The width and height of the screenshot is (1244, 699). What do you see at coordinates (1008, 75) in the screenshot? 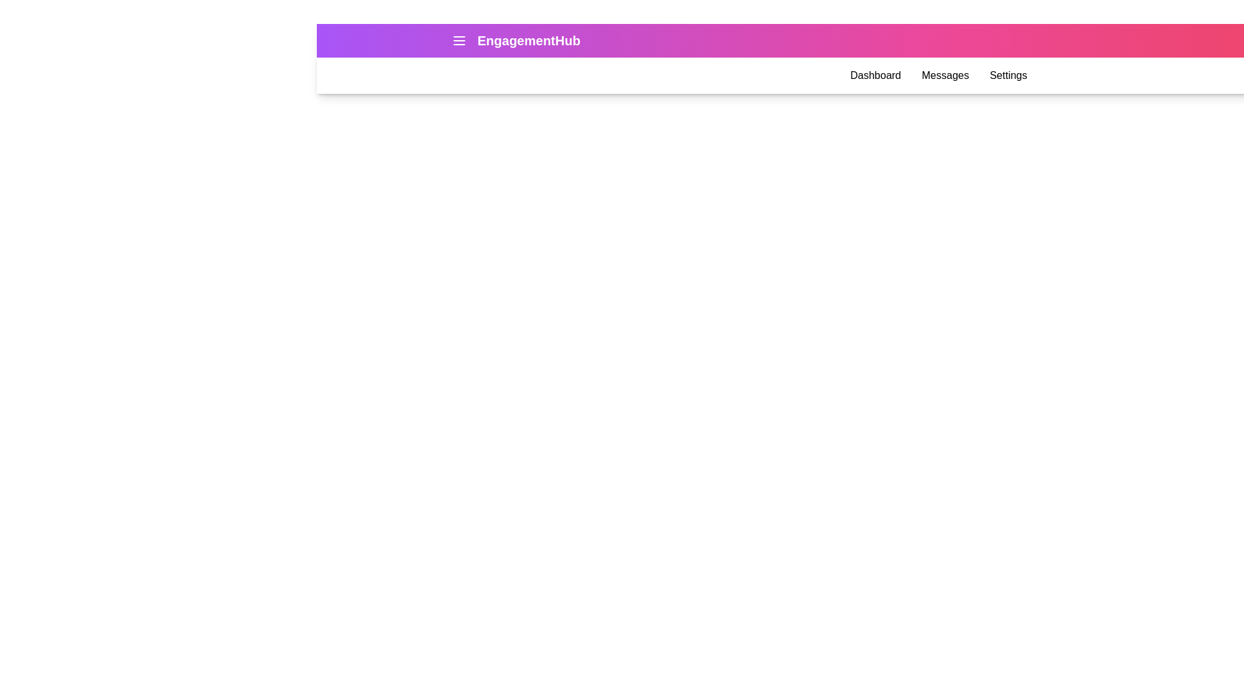
I see `the 'Settings' link in the navigation bar` at bounding box center [1008, 75].